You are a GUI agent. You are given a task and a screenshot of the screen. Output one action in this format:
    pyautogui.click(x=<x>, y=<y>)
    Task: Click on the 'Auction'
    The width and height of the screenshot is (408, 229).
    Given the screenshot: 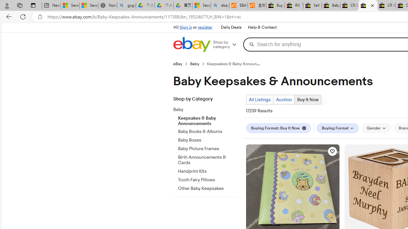 What is the action you would take?
    pyautogui.click(x=283, y=100)
    